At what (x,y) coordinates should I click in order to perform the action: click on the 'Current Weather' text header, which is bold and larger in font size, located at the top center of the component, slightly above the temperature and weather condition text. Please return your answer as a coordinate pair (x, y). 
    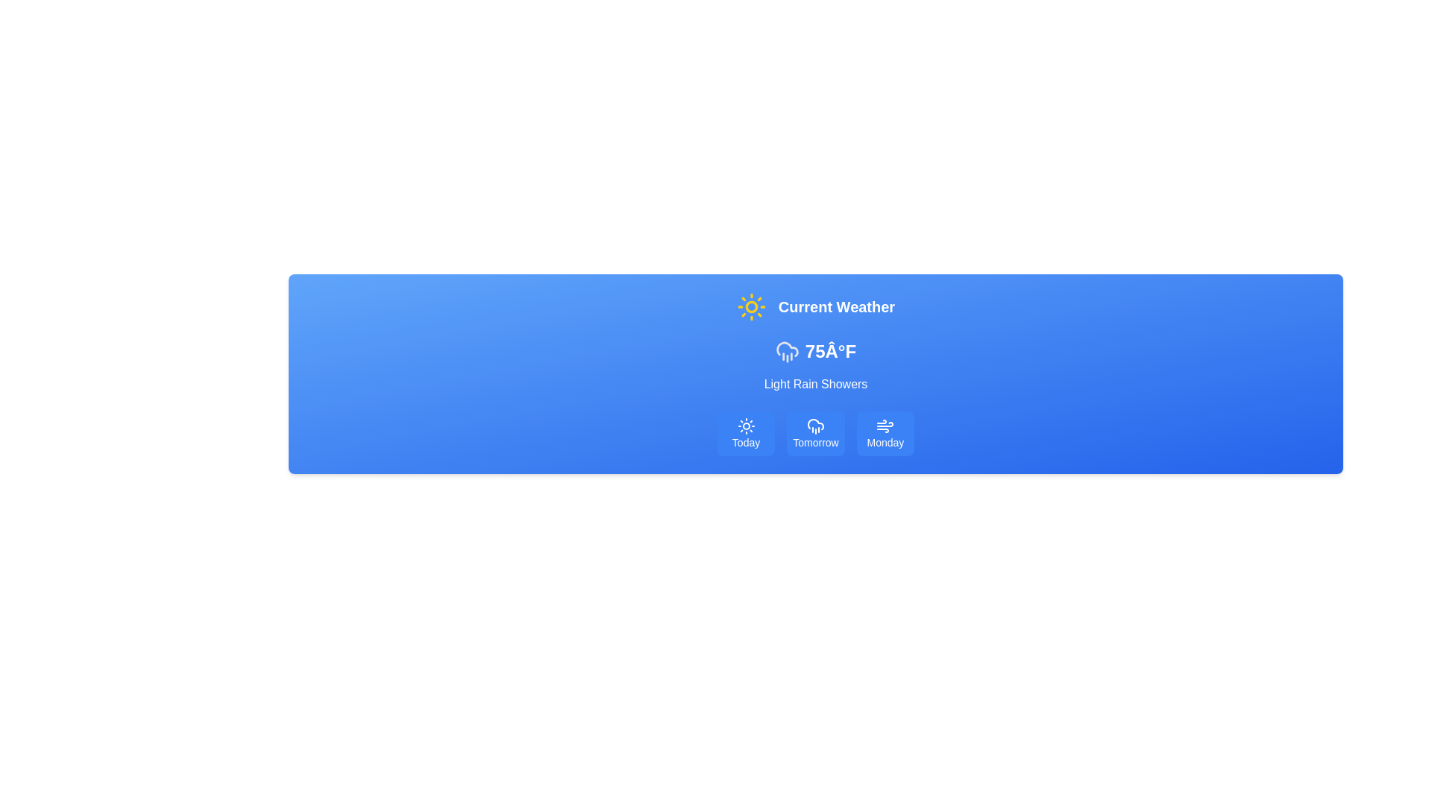
    Looking at the image, I should click on (837, 306).